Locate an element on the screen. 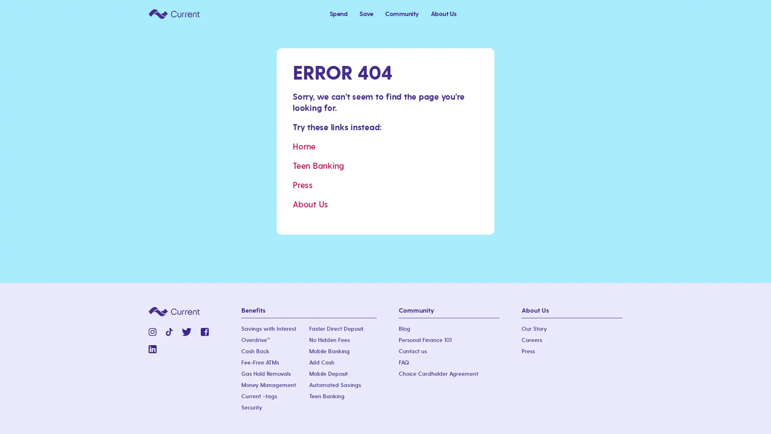  Our Story is located at coordinates (534, 329).